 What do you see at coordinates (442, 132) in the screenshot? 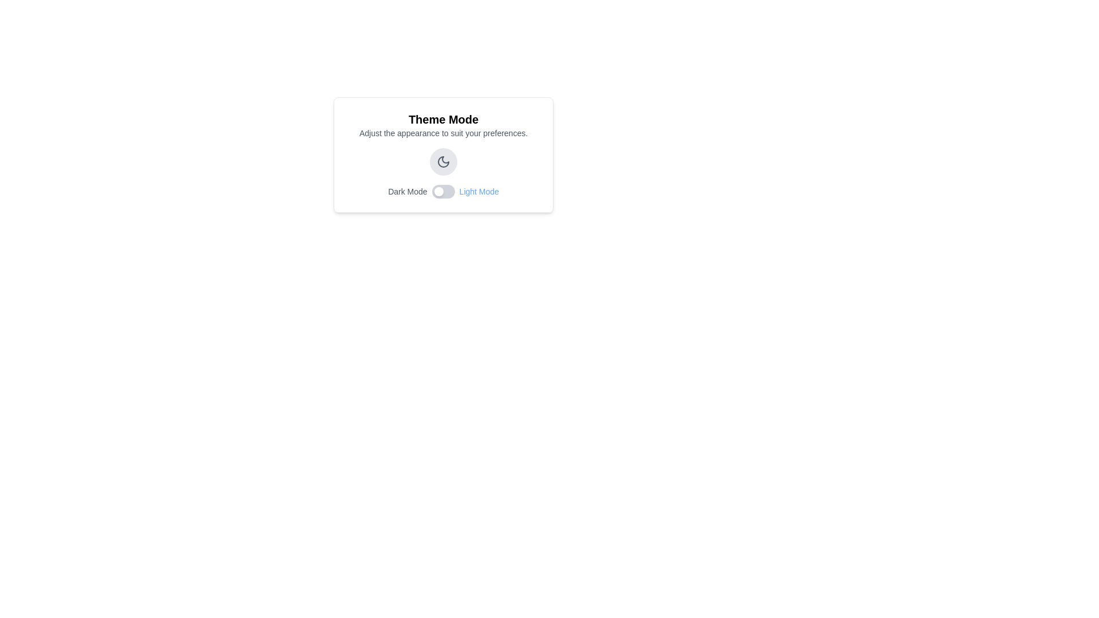
I see `the text label that contains the phrase 'Adjust the appearance to suit your preferences.' positioned below the 'Theme Mode' title` at bounding box center [442, 132].